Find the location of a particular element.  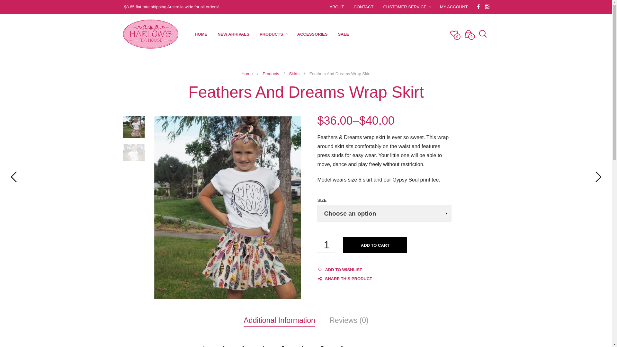

'Qty' is located at coordinates (327, 245).